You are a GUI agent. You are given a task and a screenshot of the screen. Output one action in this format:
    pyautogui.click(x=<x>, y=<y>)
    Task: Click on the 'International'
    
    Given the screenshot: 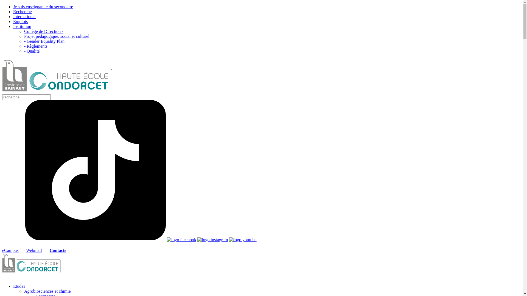 What is the action you would take?
    pyautogui.click(x=24, y=16)
    